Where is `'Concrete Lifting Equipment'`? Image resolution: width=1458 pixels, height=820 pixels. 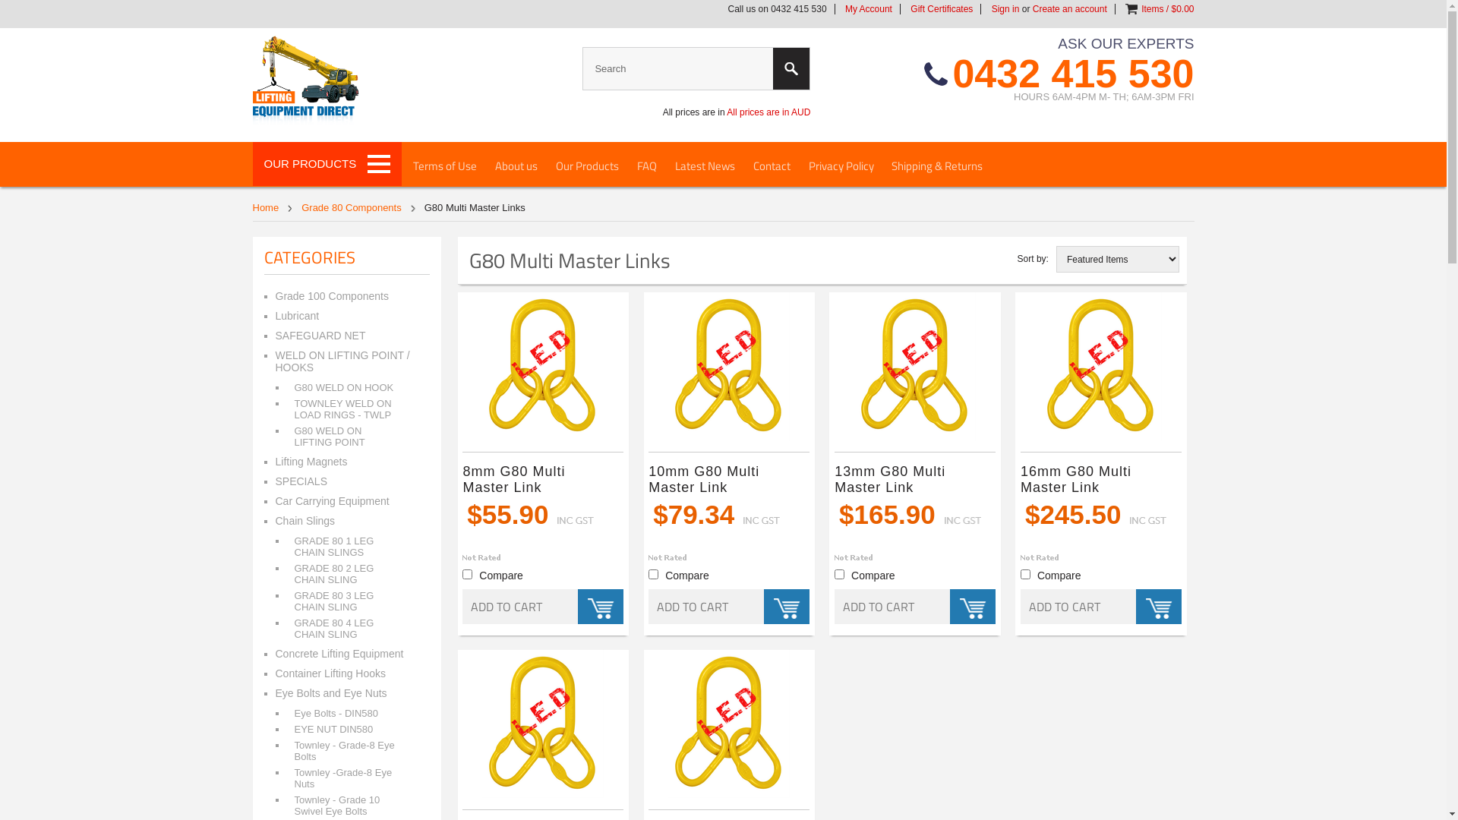 'Concrete Lifting Equipment' is located at coordinates (343, 652).